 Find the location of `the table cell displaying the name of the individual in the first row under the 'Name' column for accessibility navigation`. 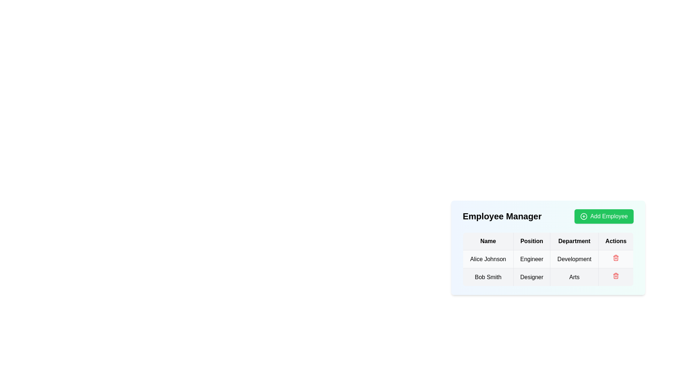

the table cell displaying the name of the individual in the first row under the 'Name' column for accessibility navigation is located at coordinates (488, 259).